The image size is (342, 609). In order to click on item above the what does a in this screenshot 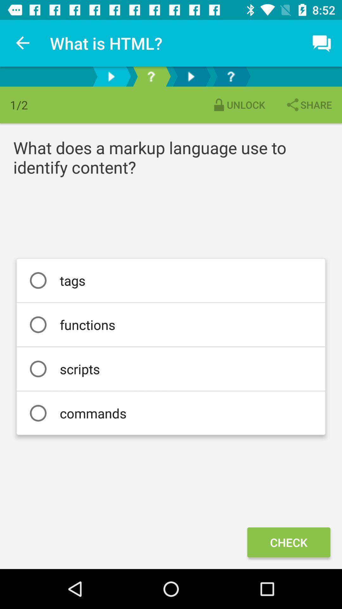, I will do `click(308, 105)`.